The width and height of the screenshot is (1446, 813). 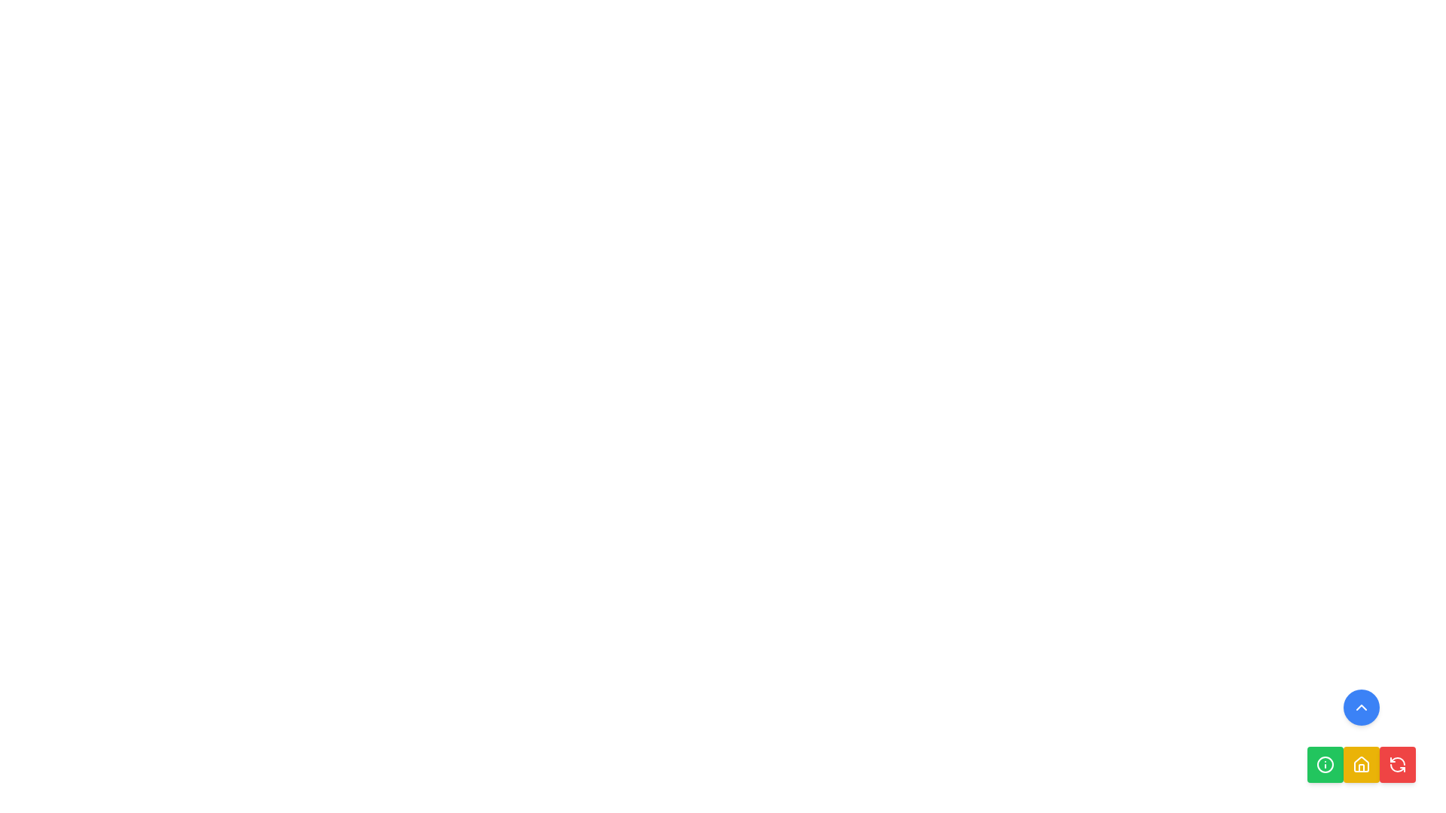 I want to click on the house-shaped icon button with a yellow background and white outline located in the bottom-right corner of the interface, so click(x=1362, y=764).